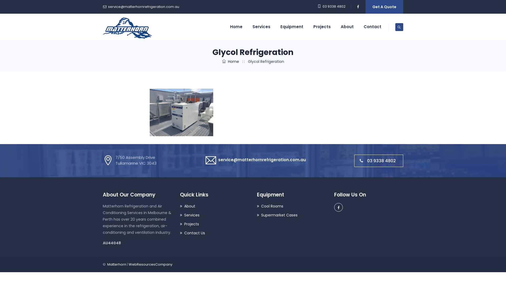 The height and width of the screenshot is (284, 506). What do you see at coordinates (127, 27) in the screenshot?
I see `'Matterhorn'` at bounding box center [127, 27].